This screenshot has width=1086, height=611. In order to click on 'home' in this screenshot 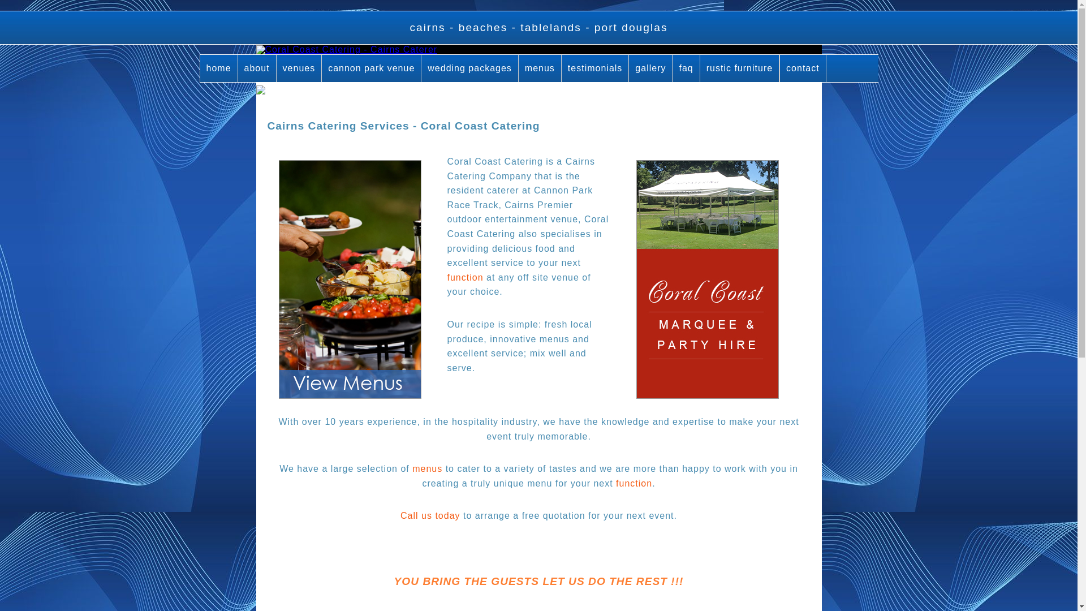, I will do `click(219, 68)`.